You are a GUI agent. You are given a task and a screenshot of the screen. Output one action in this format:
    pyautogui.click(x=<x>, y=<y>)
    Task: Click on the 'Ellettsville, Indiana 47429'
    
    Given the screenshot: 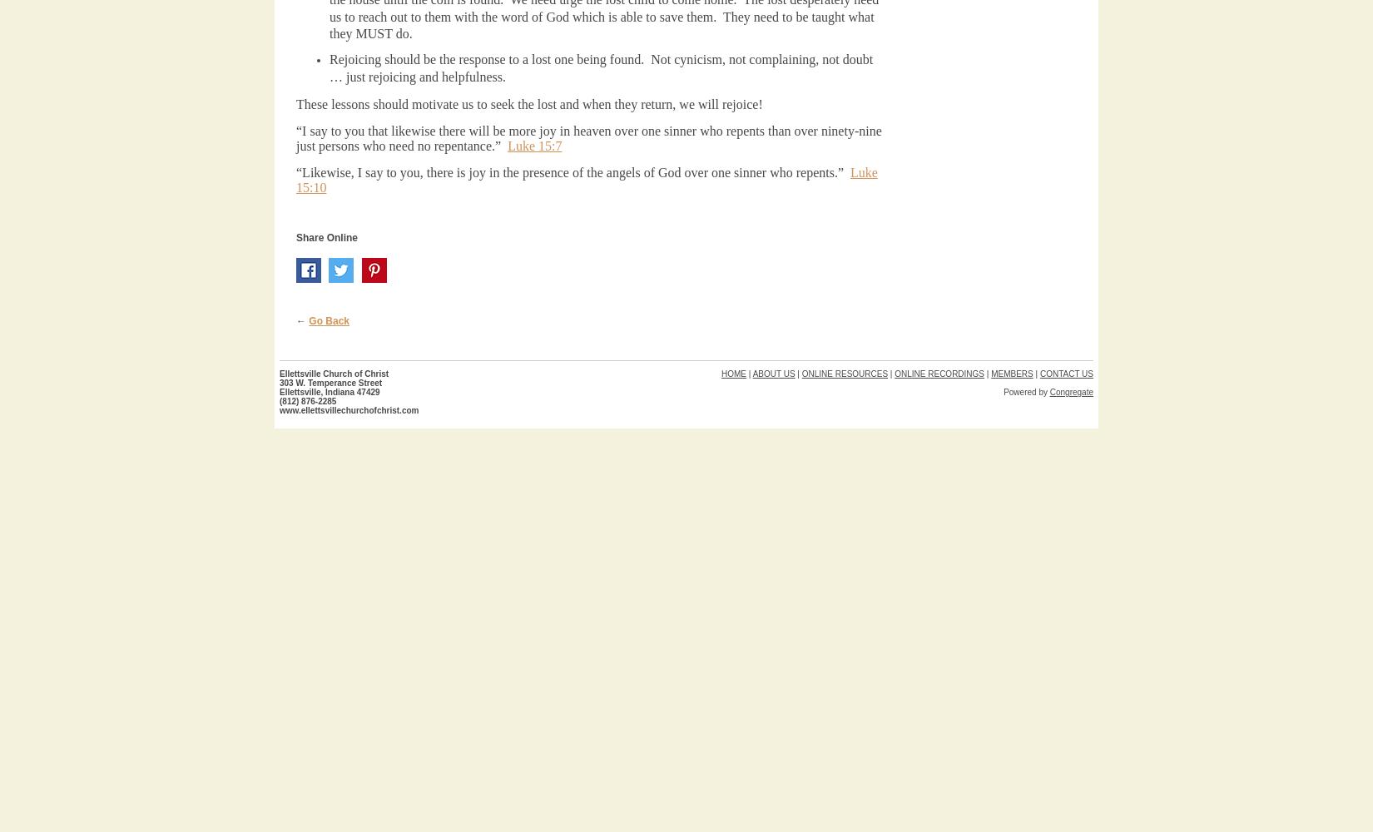 What is the action you would take?
    pyautogui.click(x=330, y=391)
    